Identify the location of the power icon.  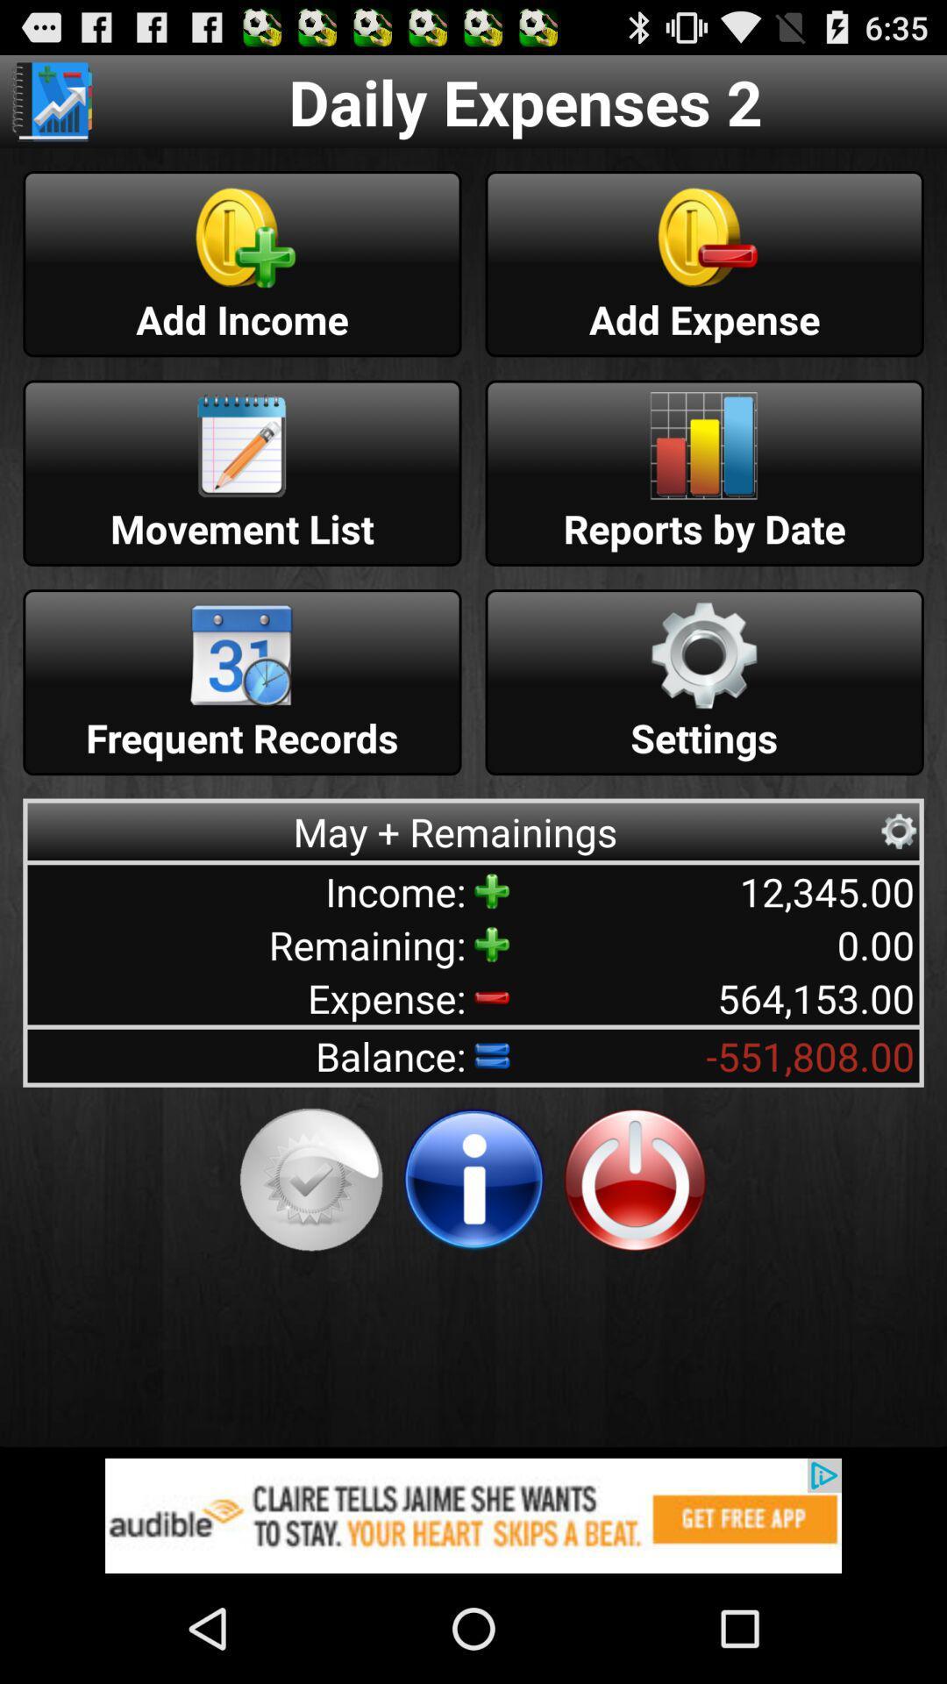
(635, 1263).